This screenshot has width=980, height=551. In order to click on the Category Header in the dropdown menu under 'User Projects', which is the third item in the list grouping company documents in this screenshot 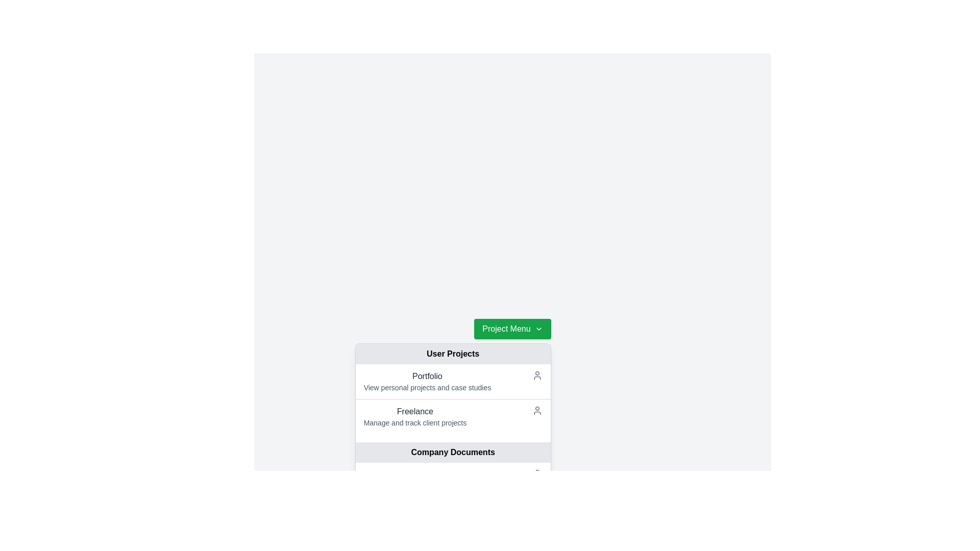, I will do `click(452, 442)`.